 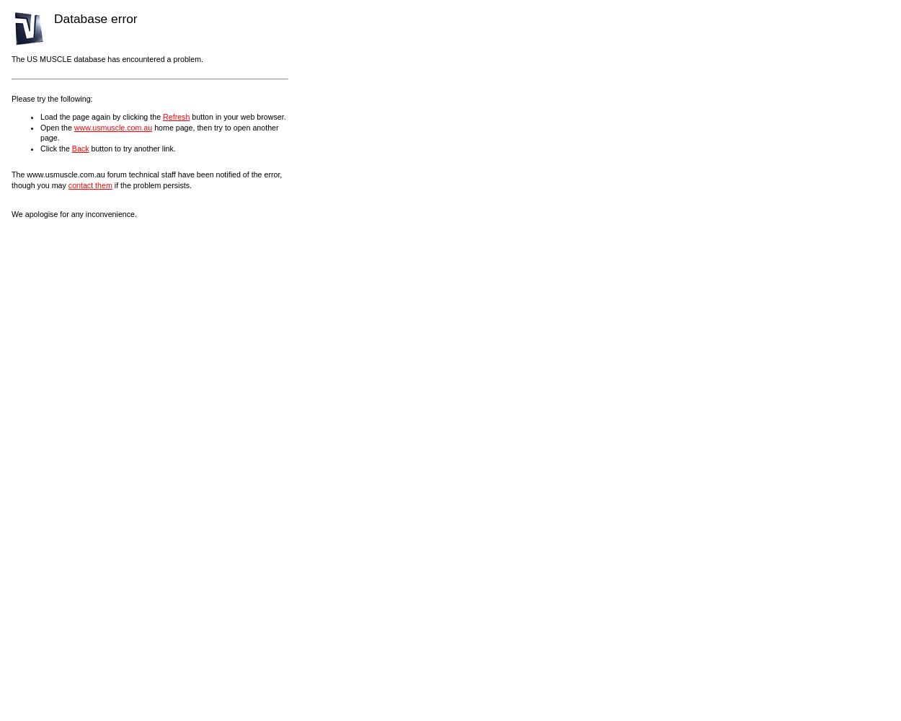 I want to click on 'if the problem persists.', so click(x=112, y=185).